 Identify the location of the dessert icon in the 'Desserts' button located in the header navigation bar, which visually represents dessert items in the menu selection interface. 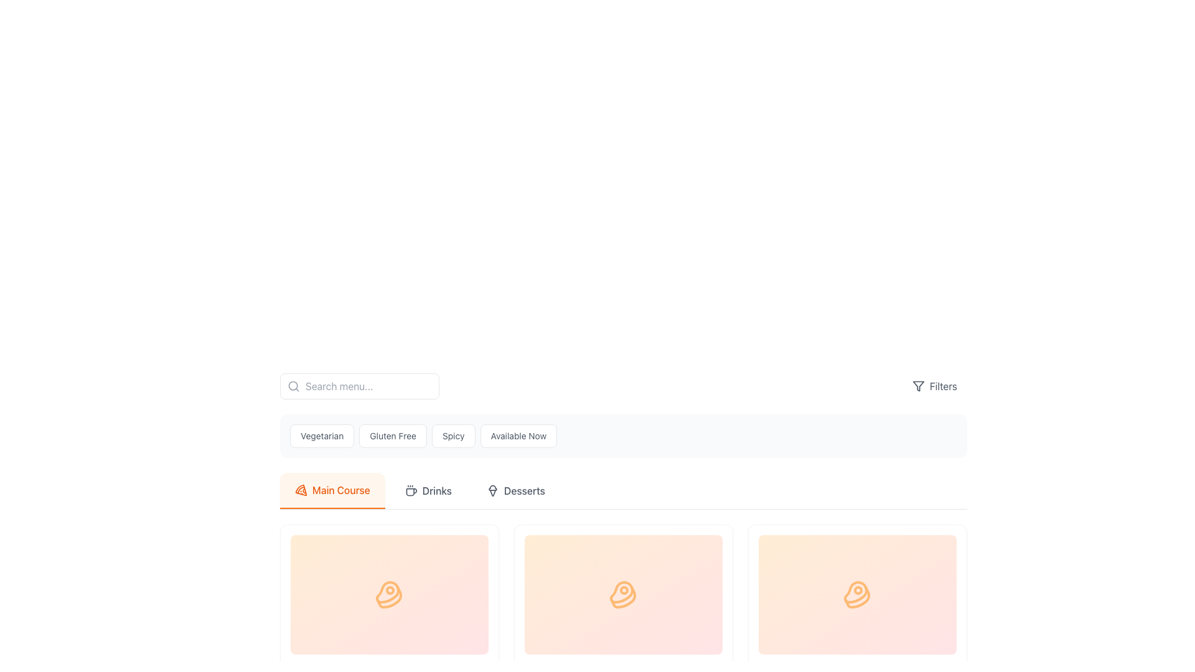
(492, 490).